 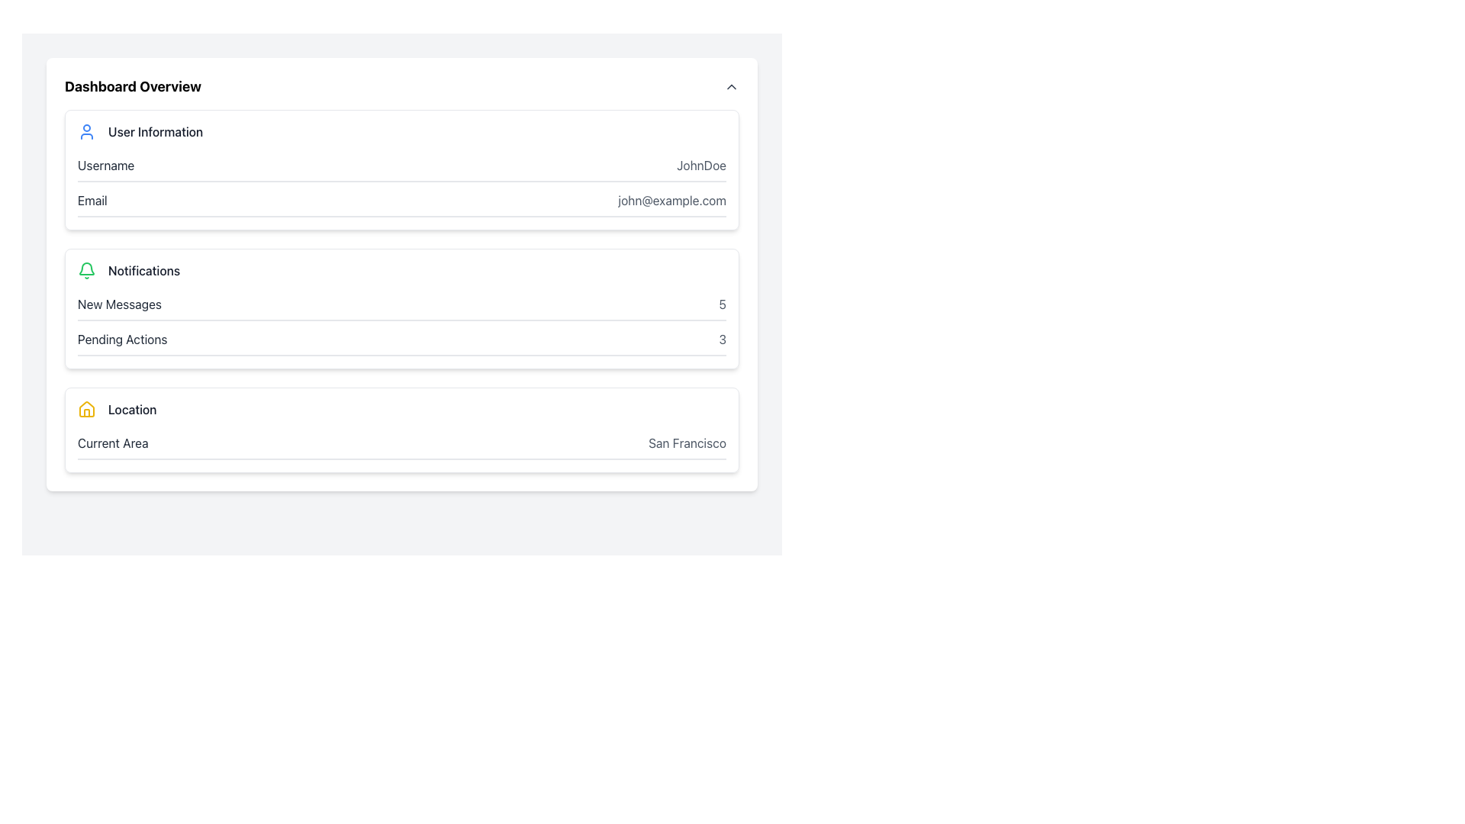 What do you see at coordinates (133, 87) in the screenshot?
I see `the bold, large-sized text label displaying 'Dashboard Overview' at the top of the panel` at bounding box center [133, 87].